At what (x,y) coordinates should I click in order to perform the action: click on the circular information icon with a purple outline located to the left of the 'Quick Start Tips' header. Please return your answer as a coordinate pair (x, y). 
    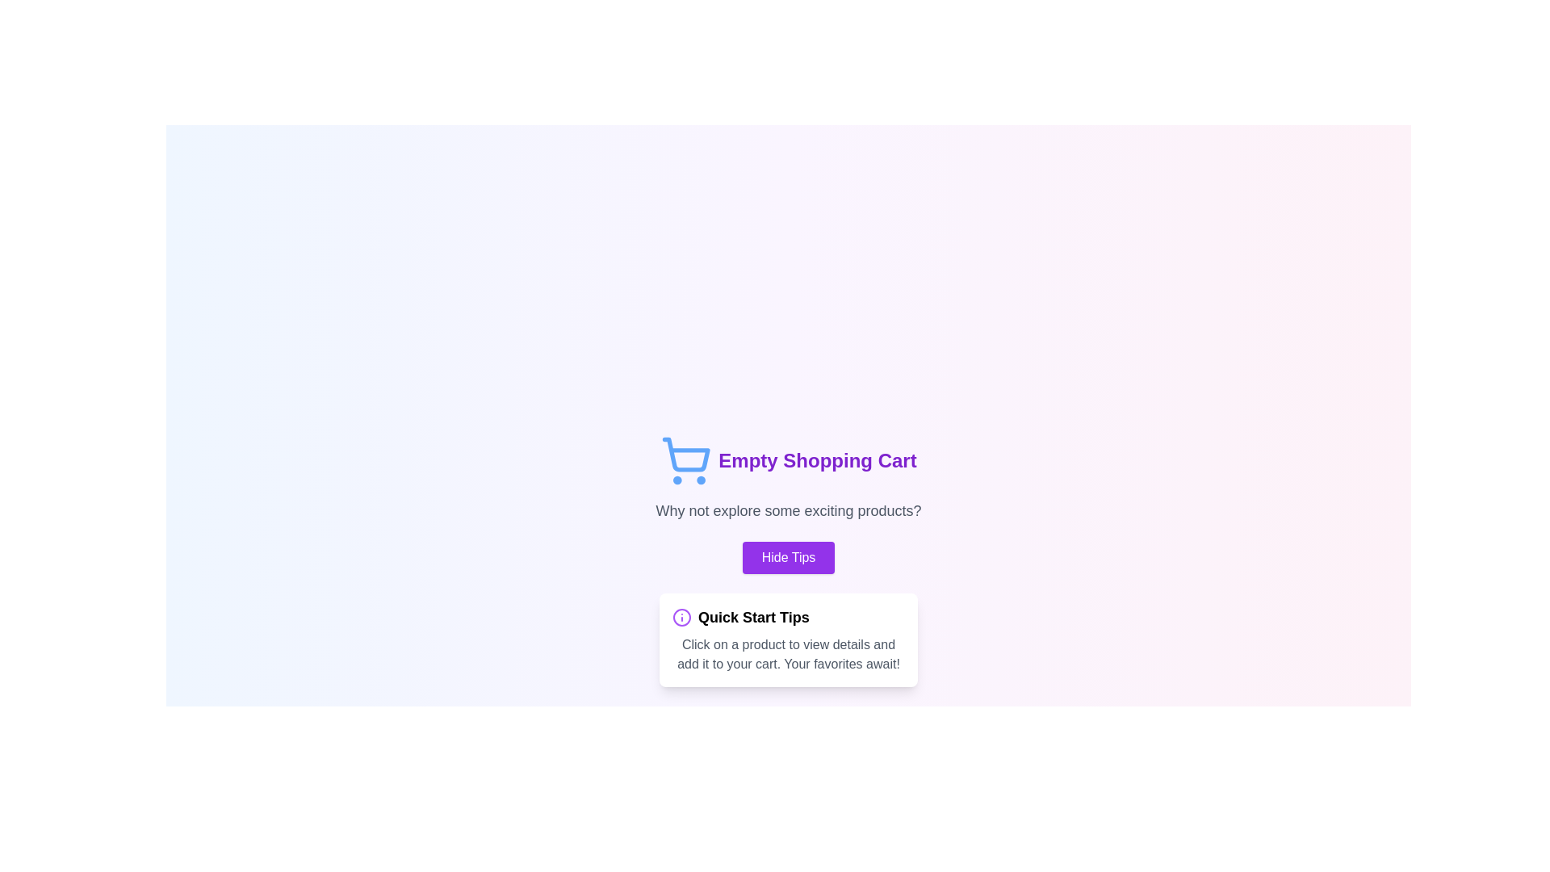
    Looking at the image, I should click on (681, 617).